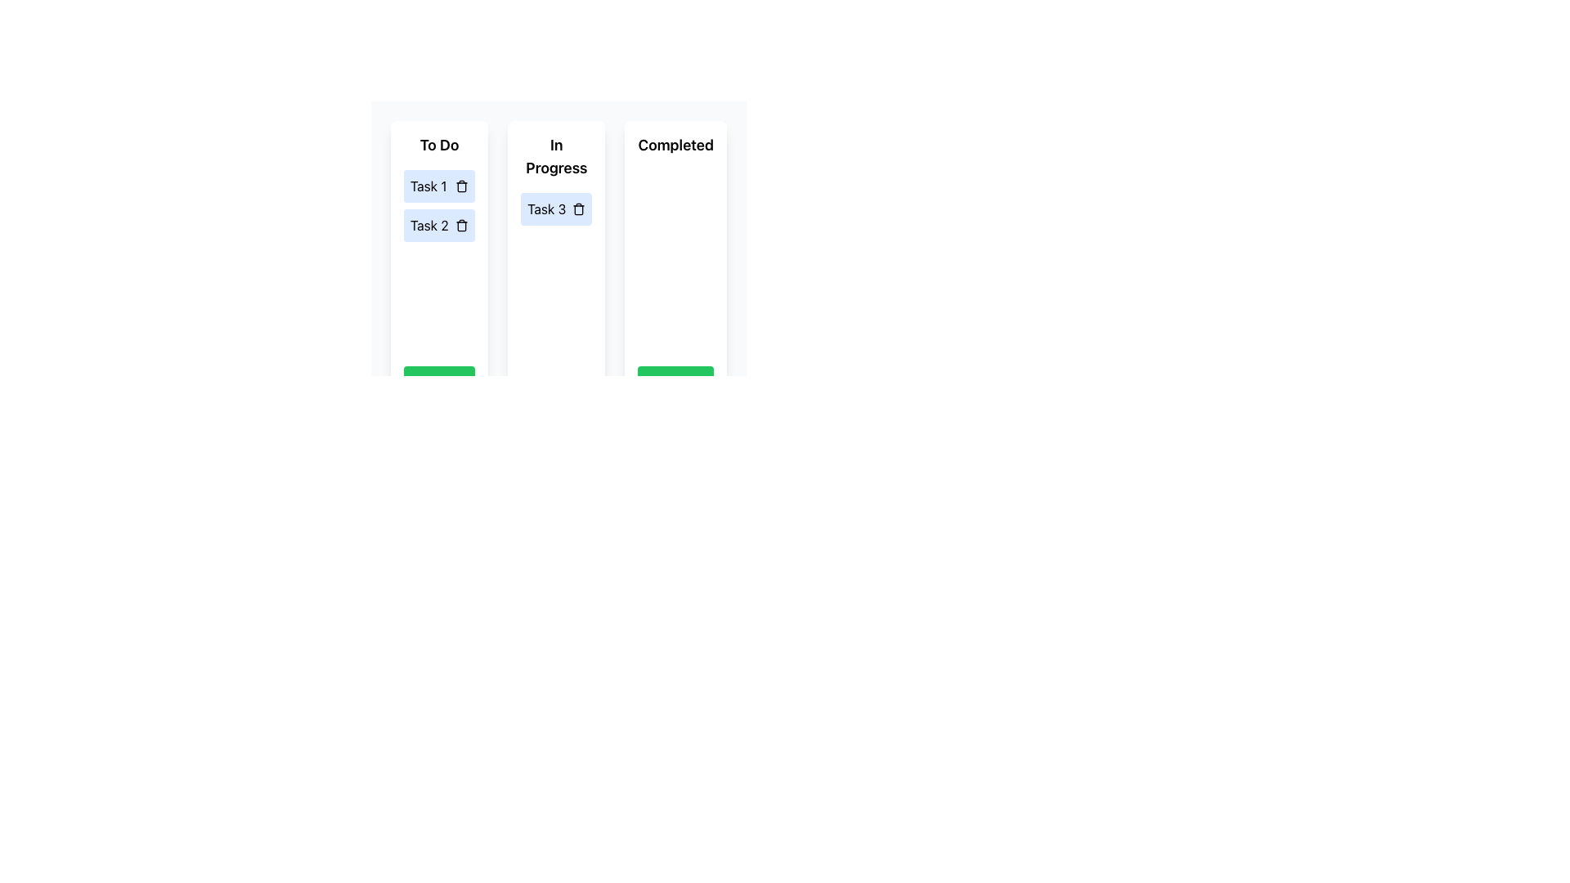 Image resolution: width=1570 pixels, height=883 pixels. I want to click on the green 'Add Task' button located at the bottom of the 'To Do' section to observe any hover effects, so click(439, 392).